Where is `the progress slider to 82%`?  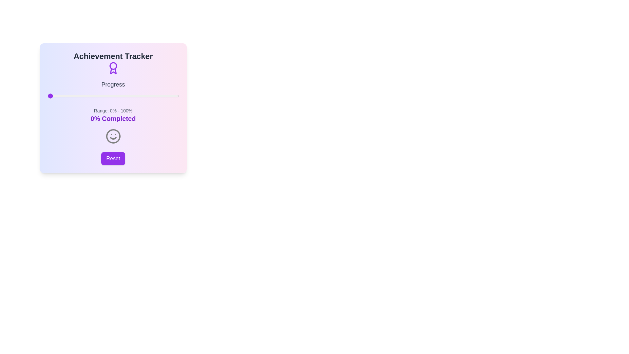 the progress slider to 82% is located at coordinates (155, 96).